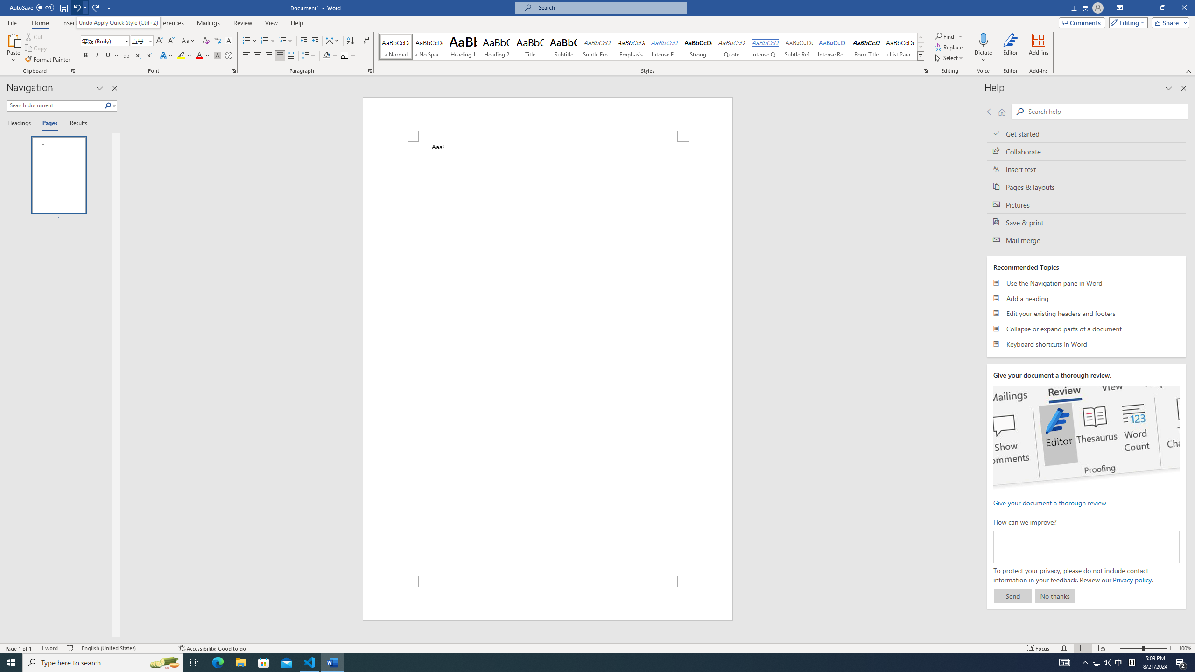 This screenshot has width=1195, height=672. Describe the element at coordinates (597, 647) in the screenshot. I see `'Class: MsoCommandBar'` at that location.